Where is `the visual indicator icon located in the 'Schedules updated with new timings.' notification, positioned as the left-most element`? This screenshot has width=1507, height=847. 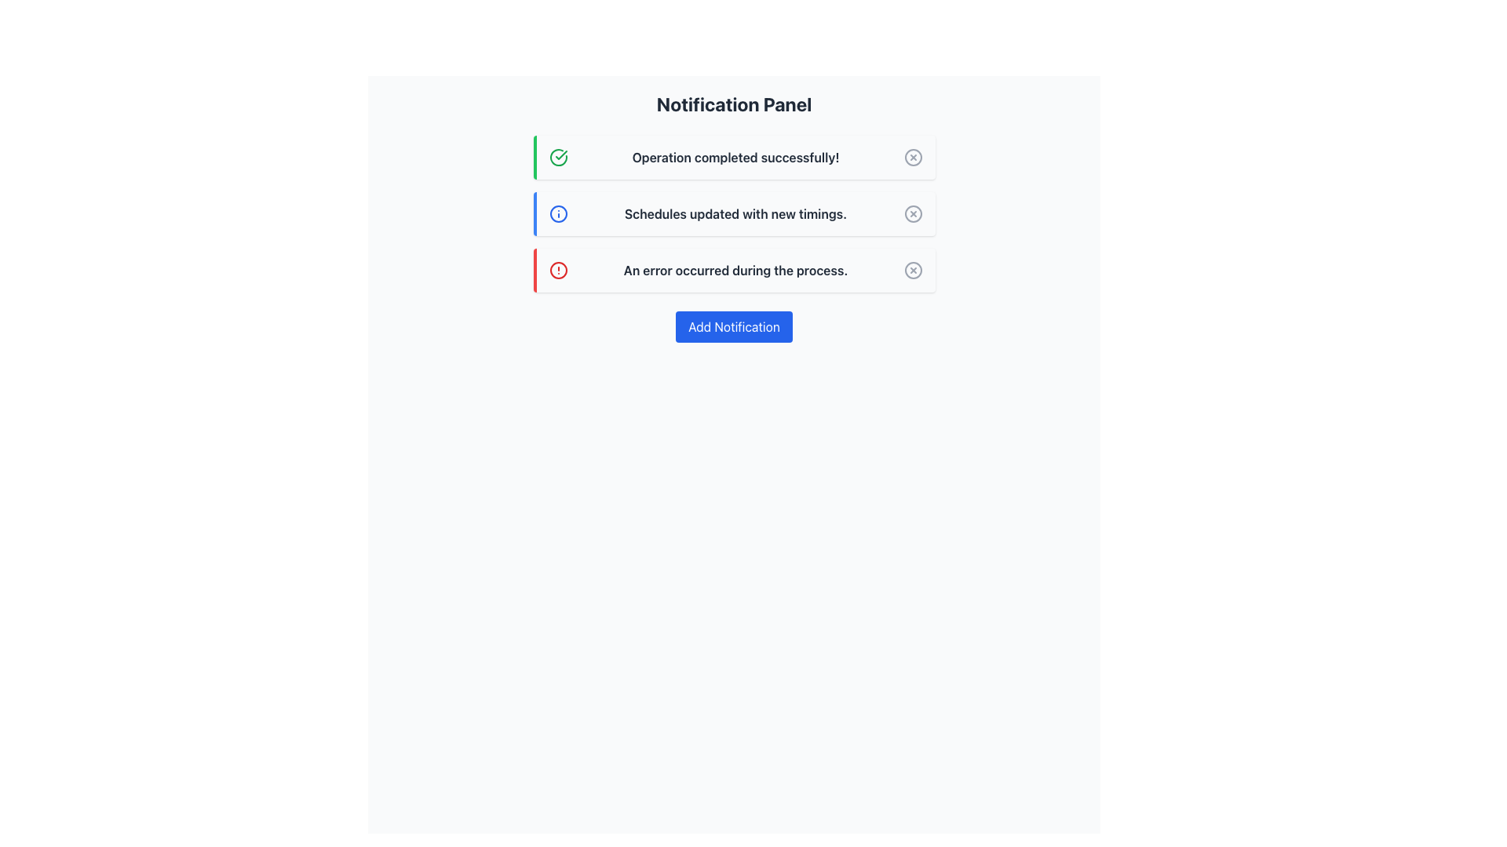 the visual indicator icon located in the 'Schedules updated with new timings.' notification, positioned as the left-most element is located at coordinates (558, 214).